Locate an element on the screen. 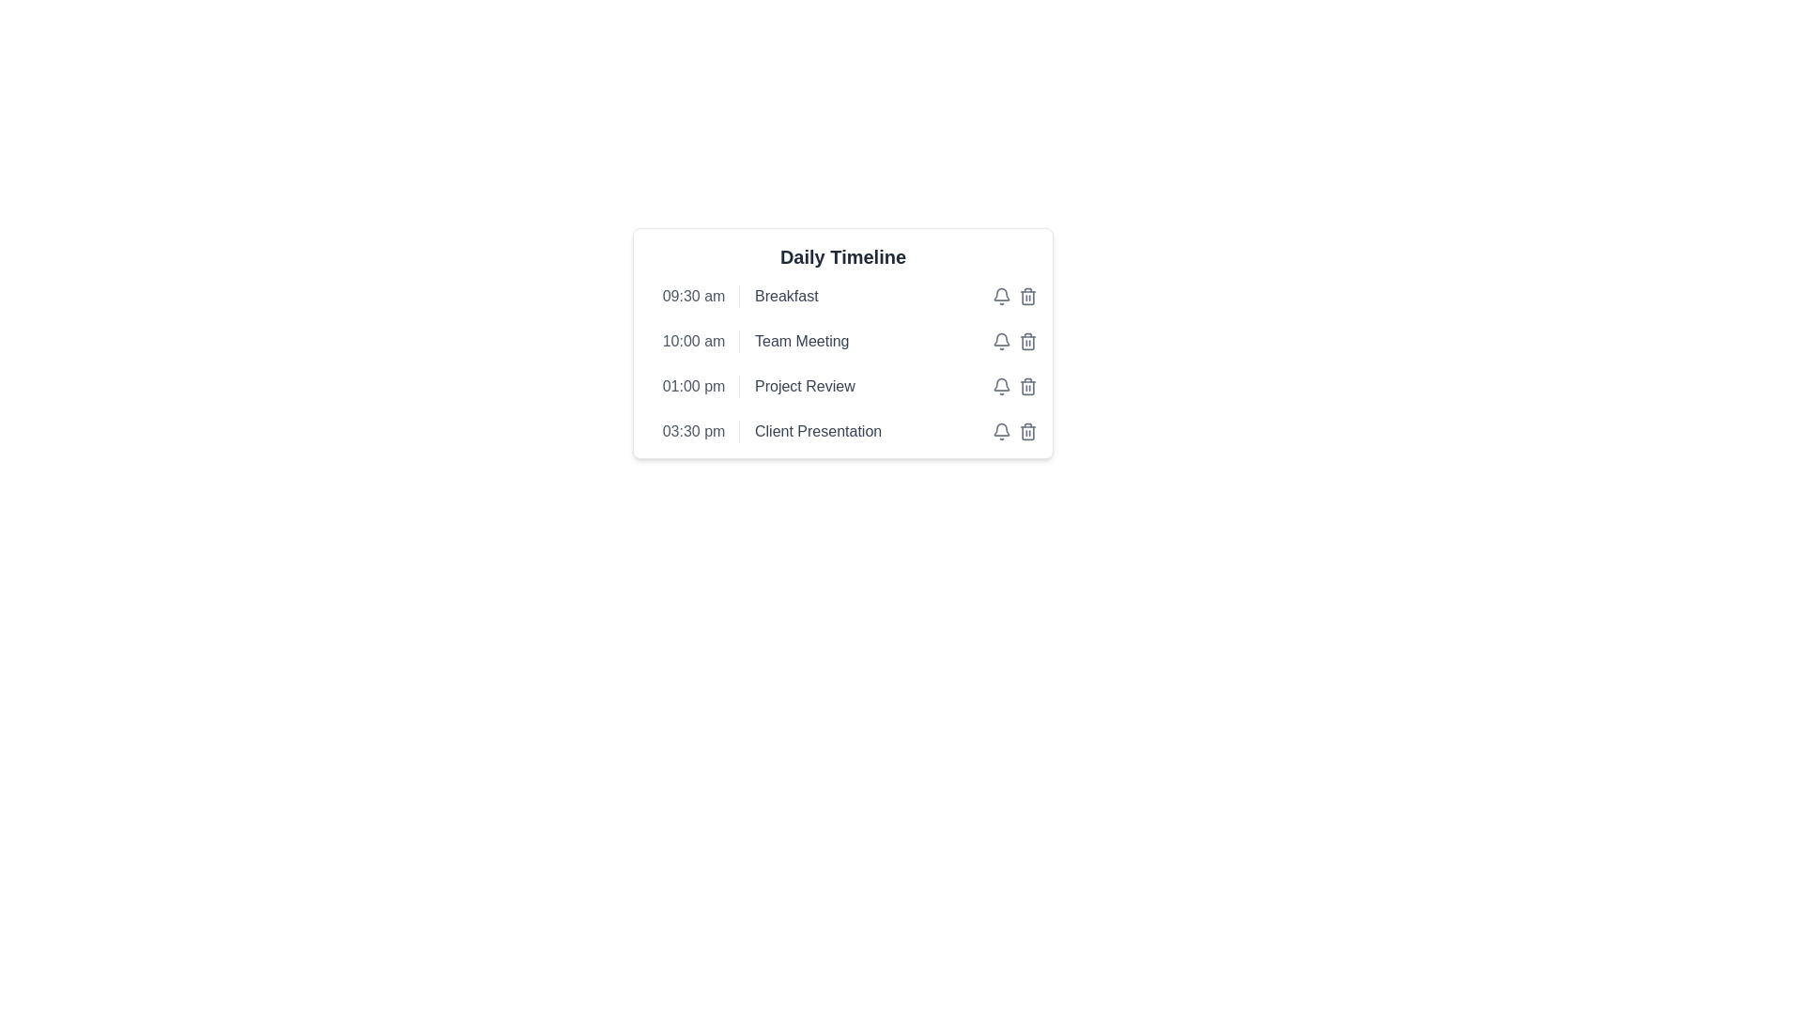 The height and width of the screenshot is (1014, 1803). the bell-shaped icon button styled in gray that changes to blue when hovered, associated with the 'Project Review' entry in the Daily Timeline component is located at coordinates (1000, 386).